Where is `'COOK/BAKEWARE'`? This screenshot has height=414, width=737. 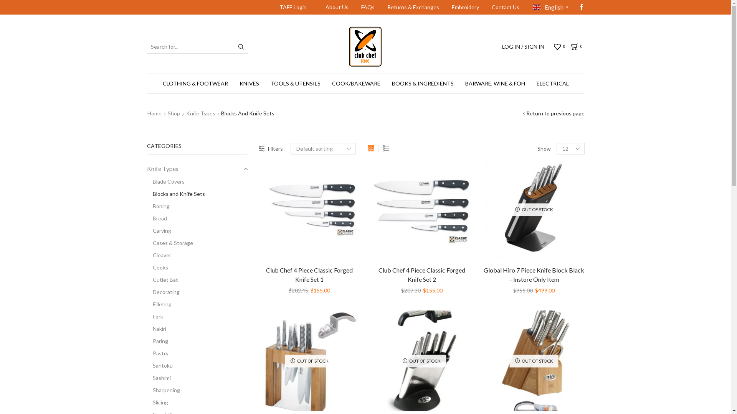
'COOK/BAKEWARE' is located at coordinates (355, 84).